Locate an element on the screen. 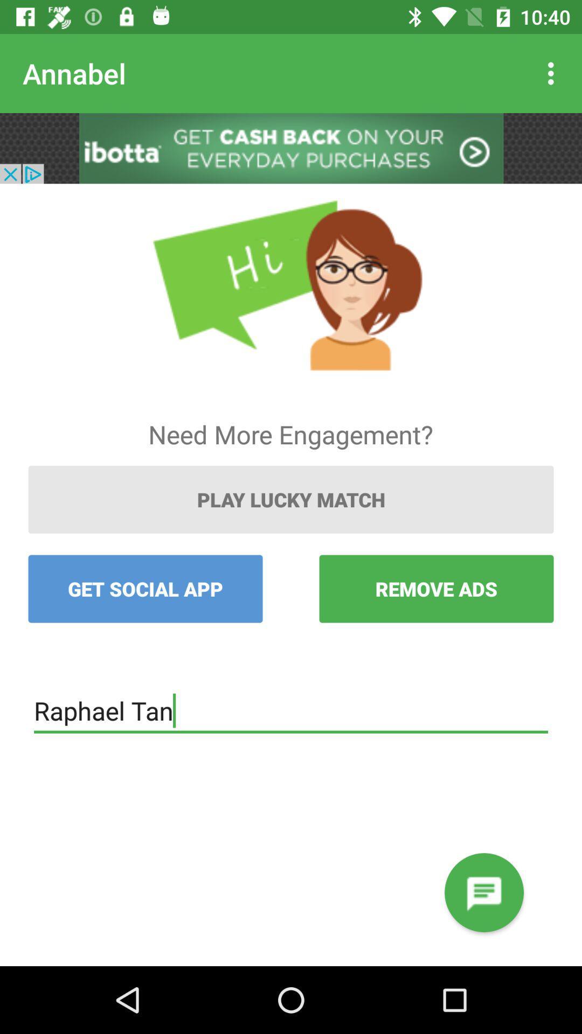  the chat icon is located at coordinates (483, 892).